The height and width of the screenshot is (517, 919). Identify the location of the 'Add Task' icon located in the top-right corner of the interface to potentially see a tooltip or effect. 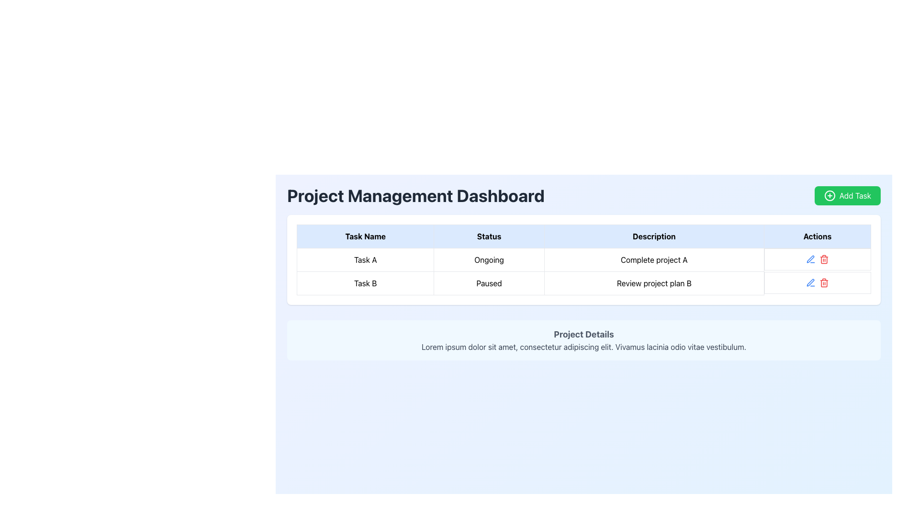
(829, 195).